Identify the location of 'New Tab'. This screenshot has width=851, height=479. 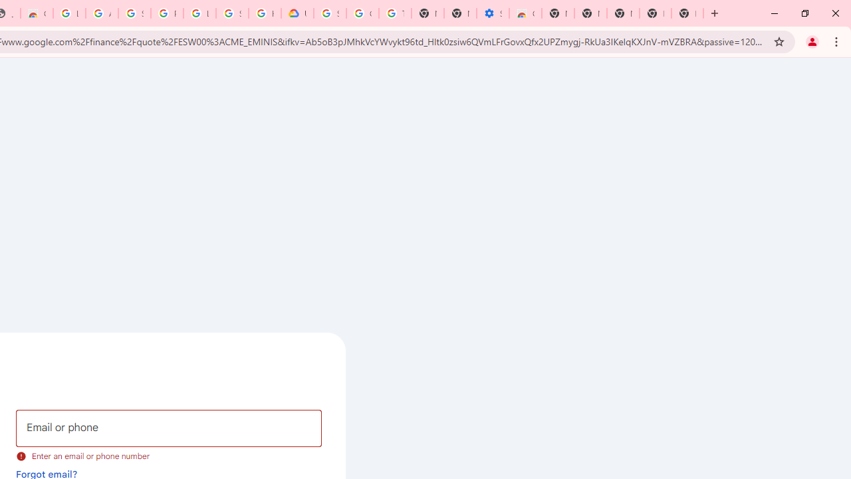
(687, 13).